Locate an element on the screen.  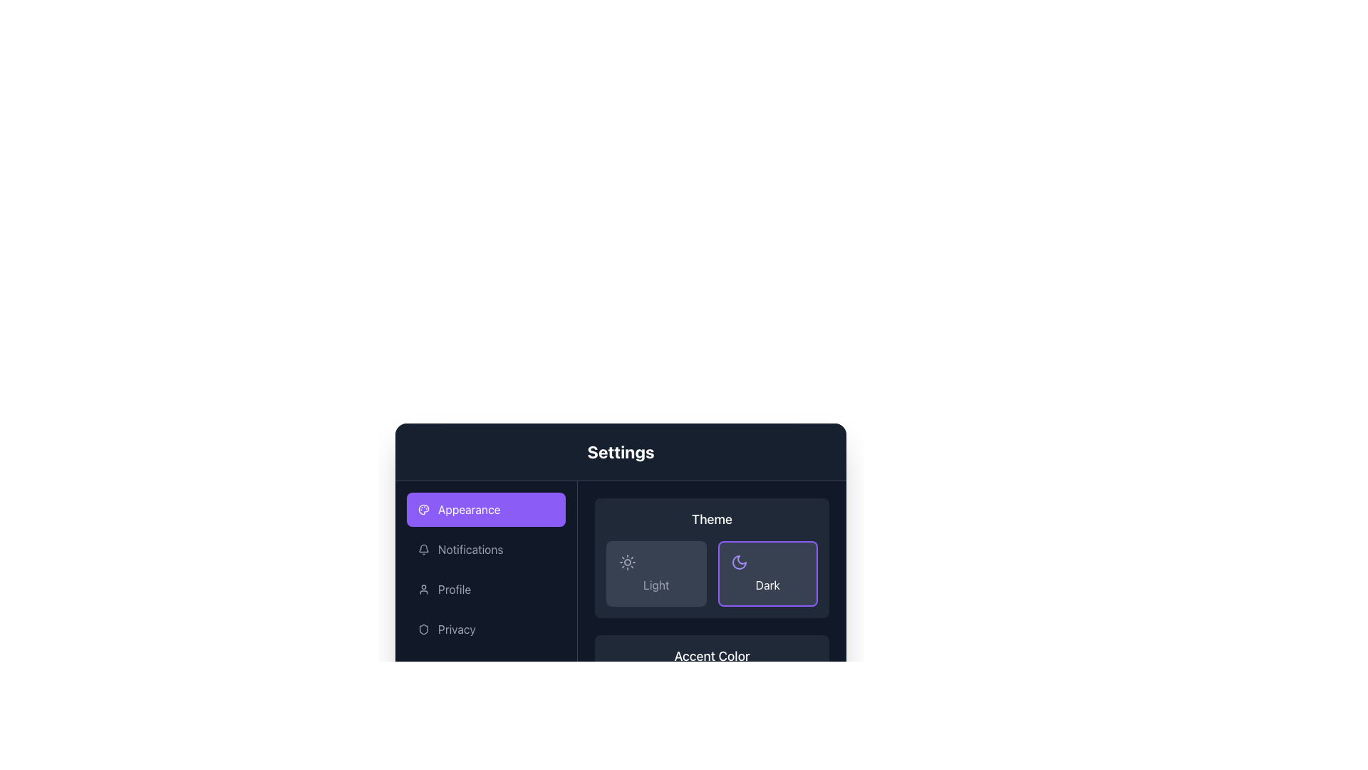
the rectangular button with a dark gray background and violet border labeled 'Dark' is located at coordinates (767, 573).